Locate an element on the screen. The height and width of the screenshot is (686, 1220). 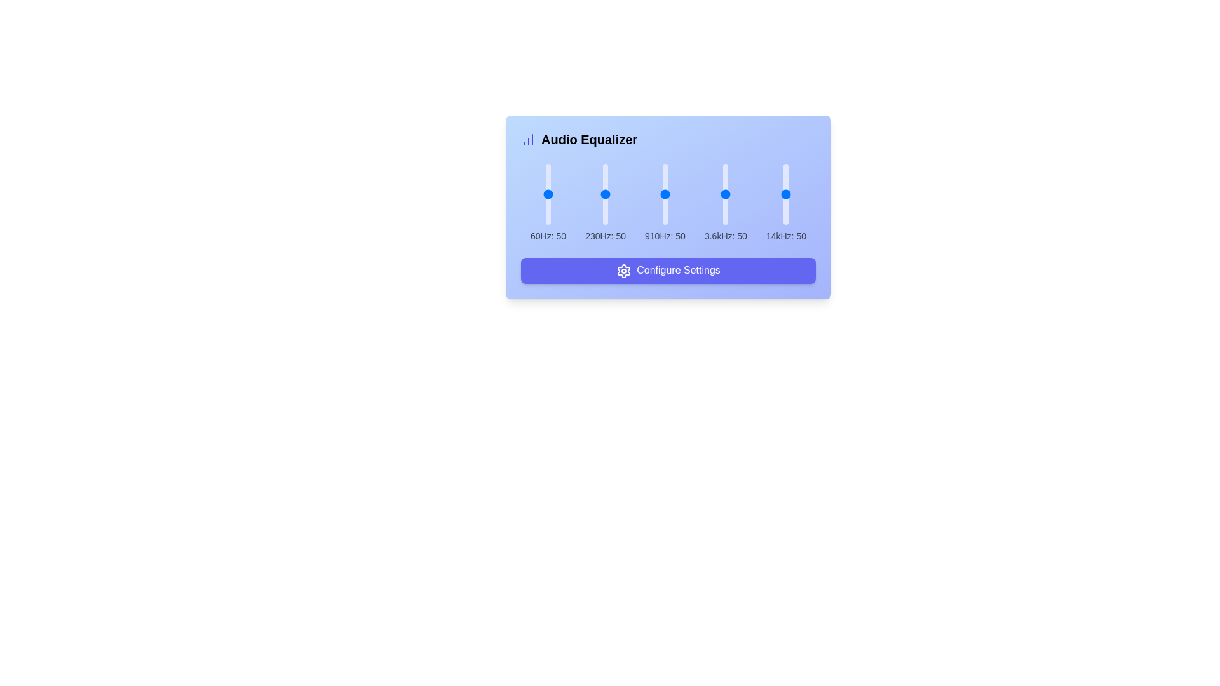
the slider value is located at coordinates (785, 163).